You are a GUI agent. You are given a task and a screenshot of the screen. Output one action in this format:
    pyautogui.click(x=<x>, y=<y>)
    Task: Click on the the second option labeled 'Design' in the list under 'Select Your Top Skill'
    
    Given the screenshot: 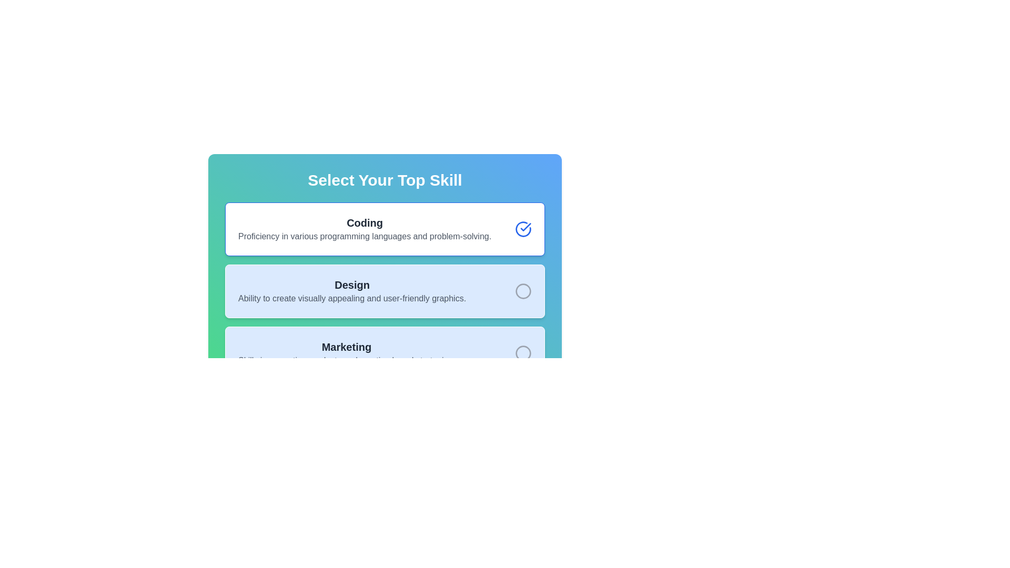 What is the action you would take?
    pyautogui.click(x=352, y=291)
    